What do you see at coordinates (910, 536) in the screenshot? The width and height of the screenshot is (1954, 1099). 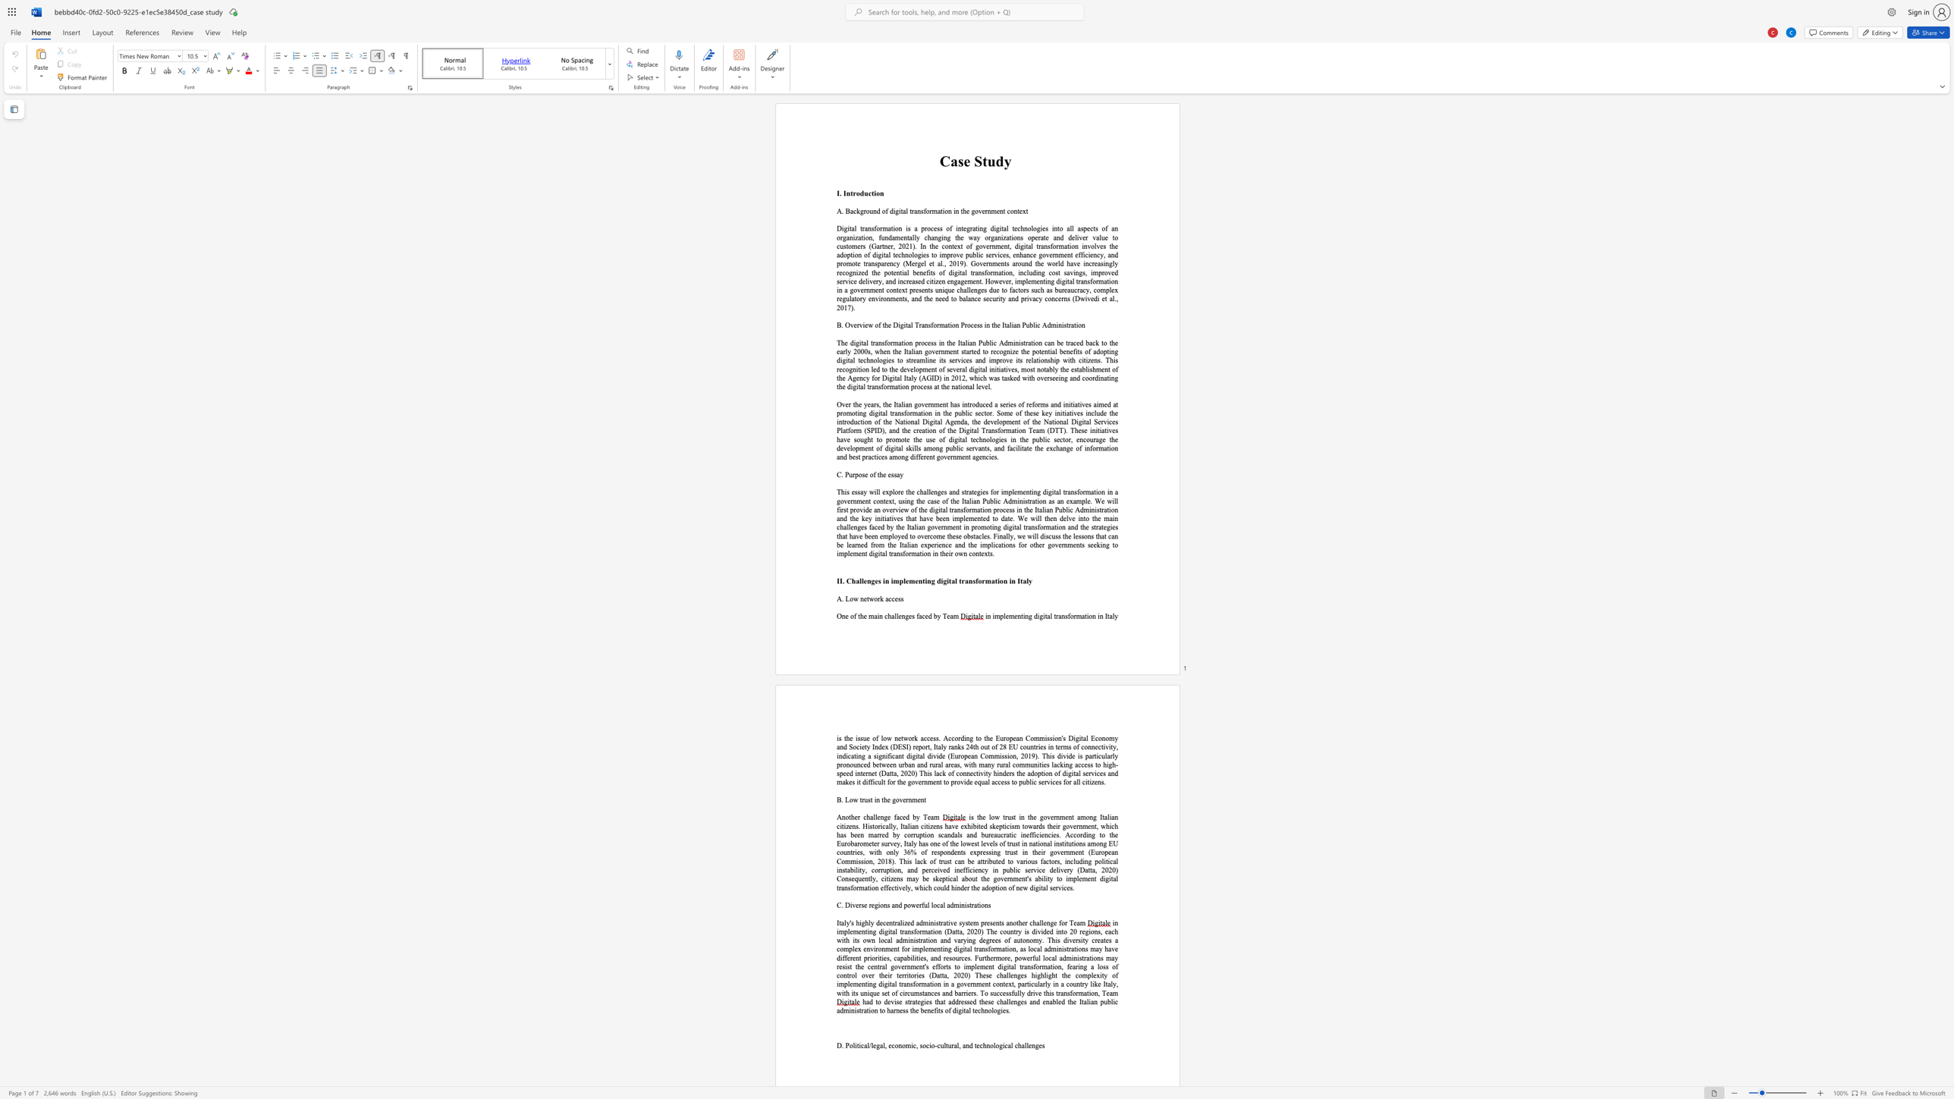 I see `the 48th character "t" in the text` at bounding box center [910, 536].